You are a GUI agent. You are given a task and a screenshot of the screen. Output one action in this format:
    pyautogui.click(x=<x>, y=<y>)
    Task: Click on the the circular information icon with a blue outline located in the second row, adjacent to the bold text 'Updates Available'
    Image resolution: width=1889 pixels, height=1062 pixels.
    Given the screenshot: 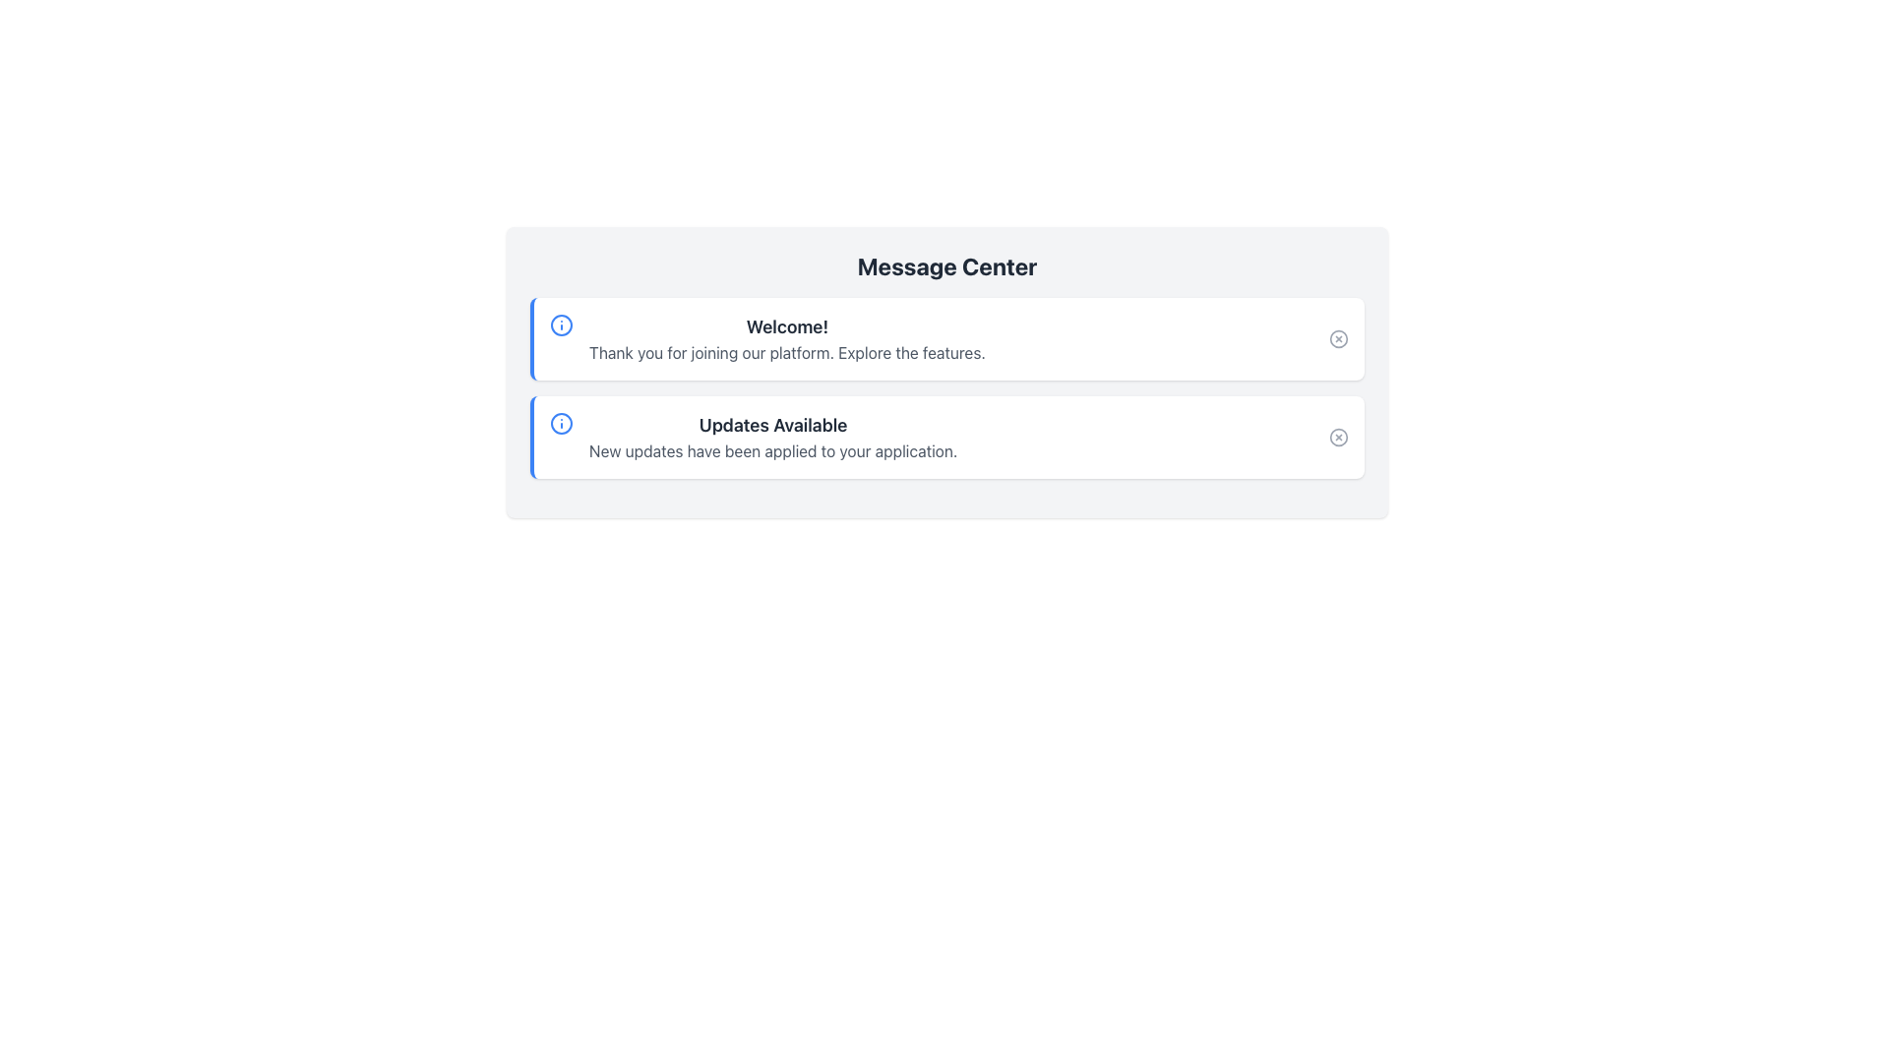 What is the action you would take?
    pyautogui.click(x=561, y=423)
    